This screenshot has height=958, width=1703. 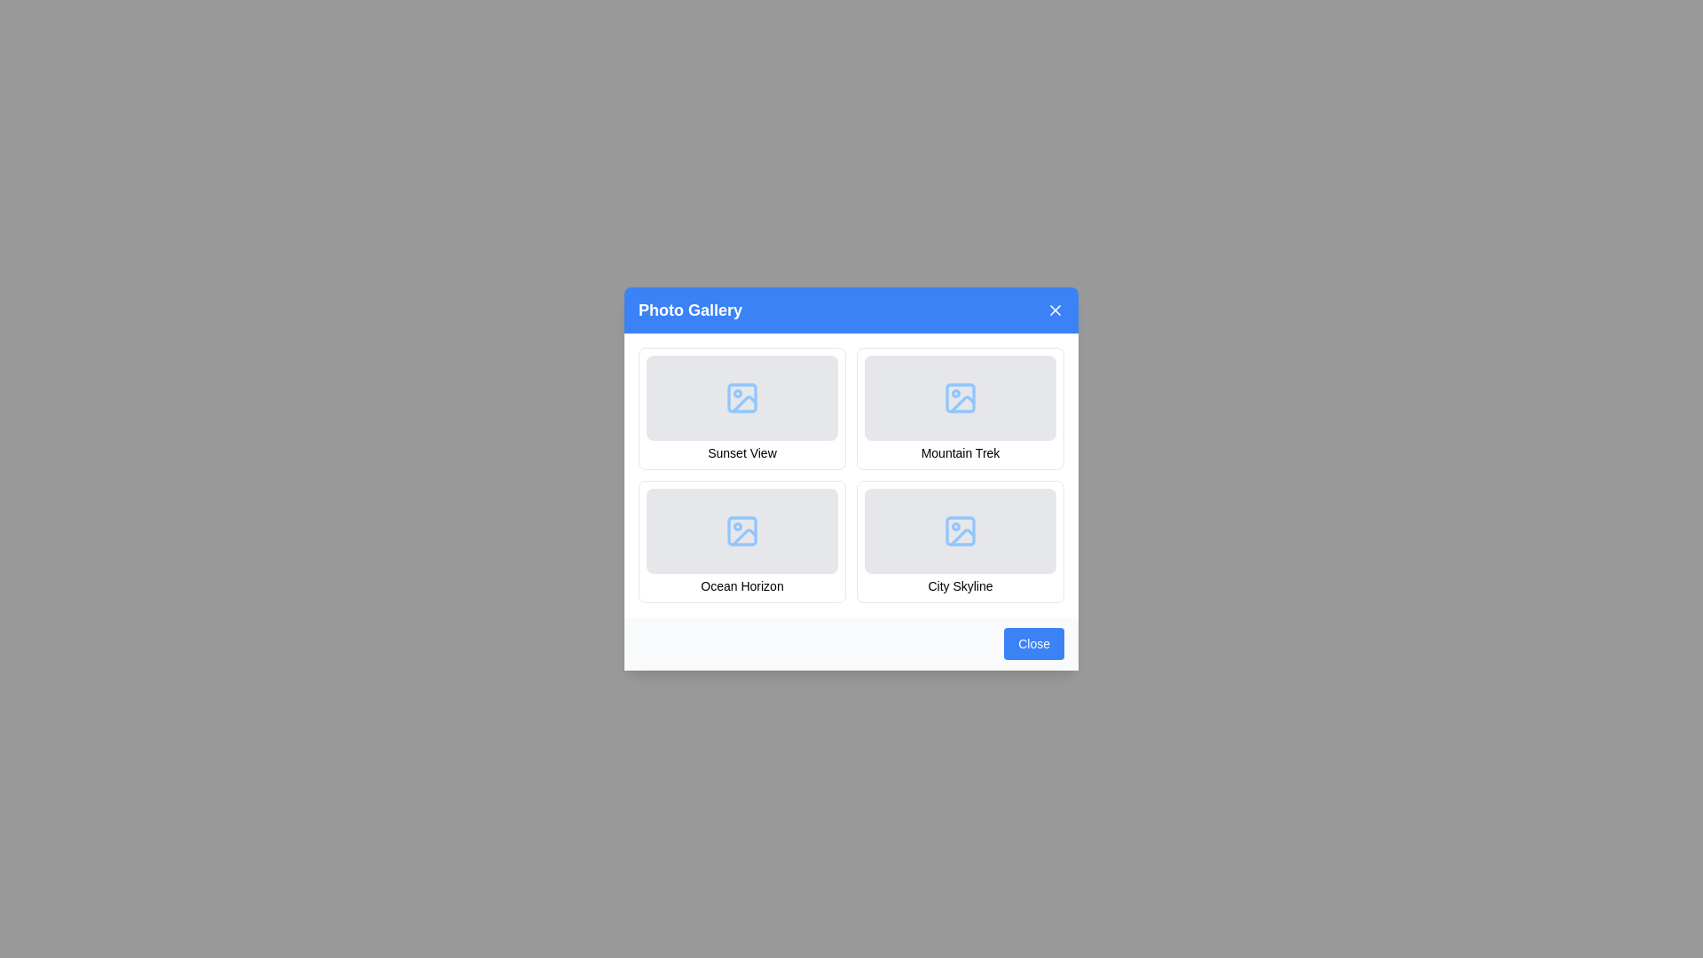 I want to click on the image placeholder button representing 'Ocean Horizon', so click(x=742, y=530).